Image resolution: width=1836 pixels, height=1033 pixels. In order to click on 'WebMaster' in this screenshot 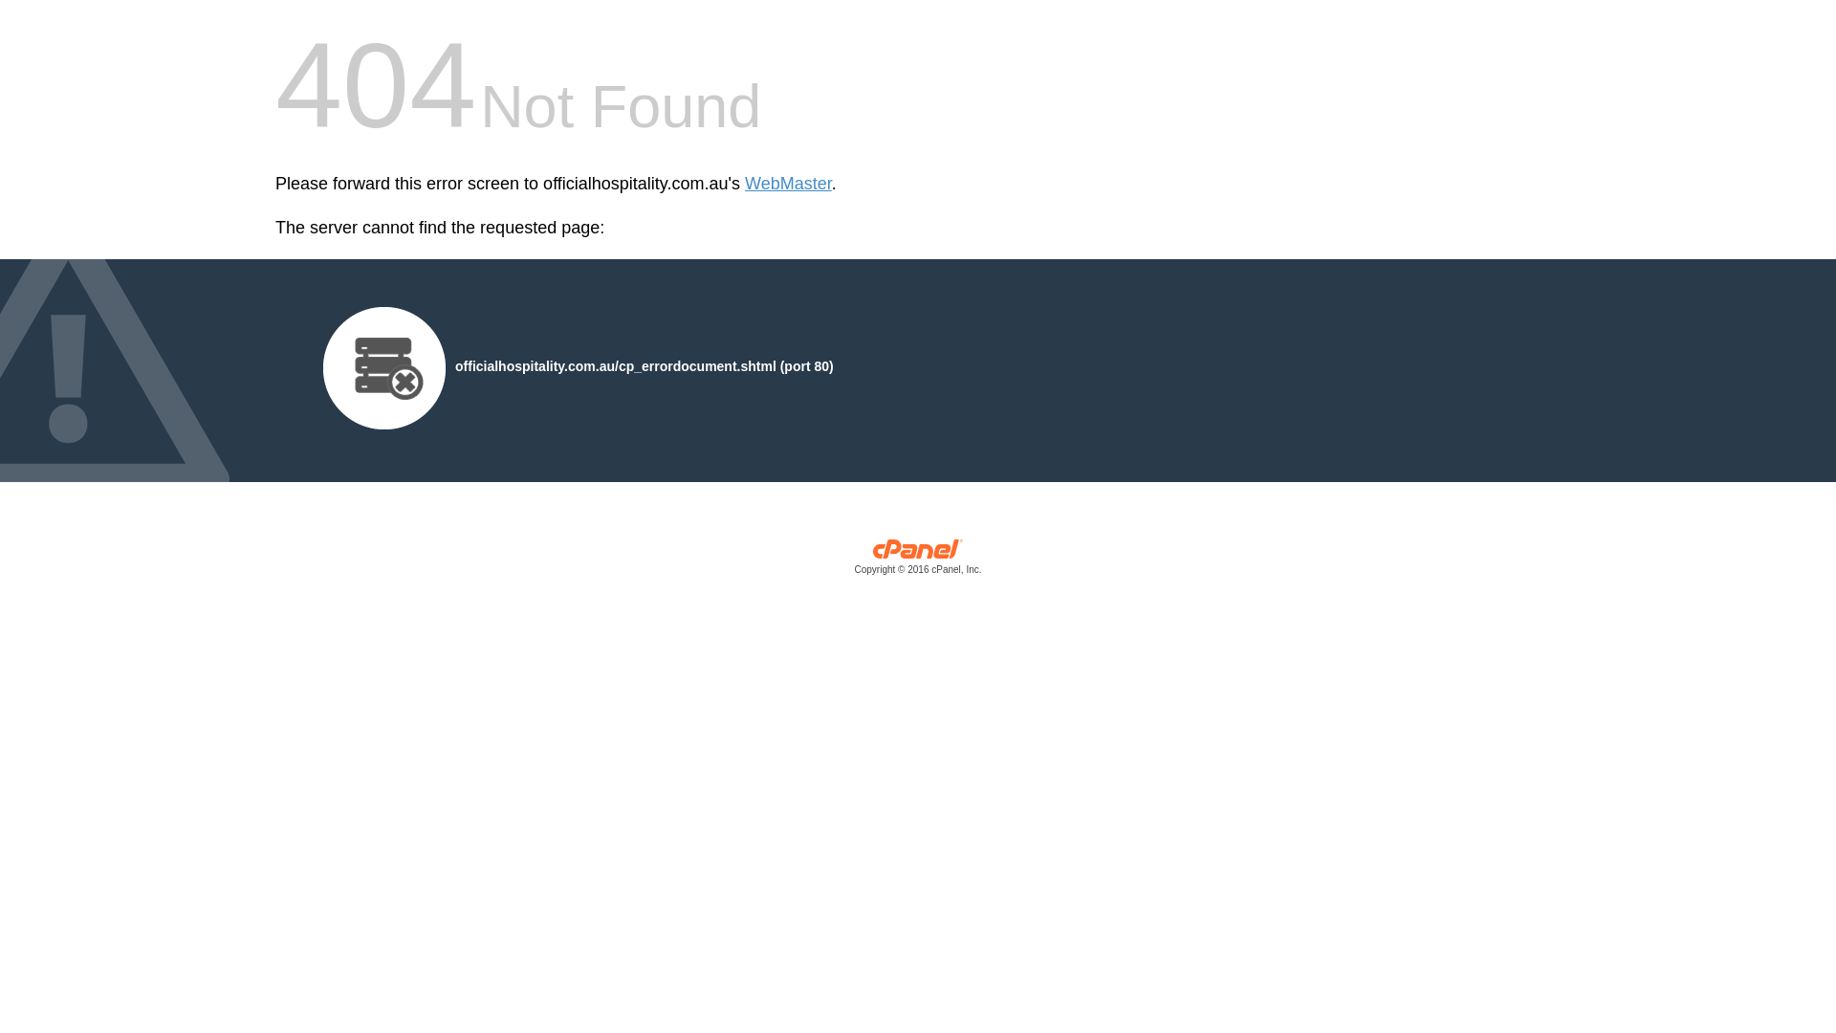, I will do `click(788, 184)`.